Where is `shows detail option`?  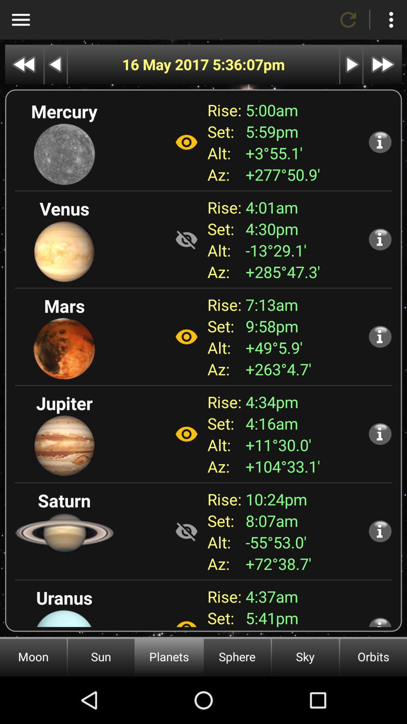
shows detail option is located at coordinates (380, 434).